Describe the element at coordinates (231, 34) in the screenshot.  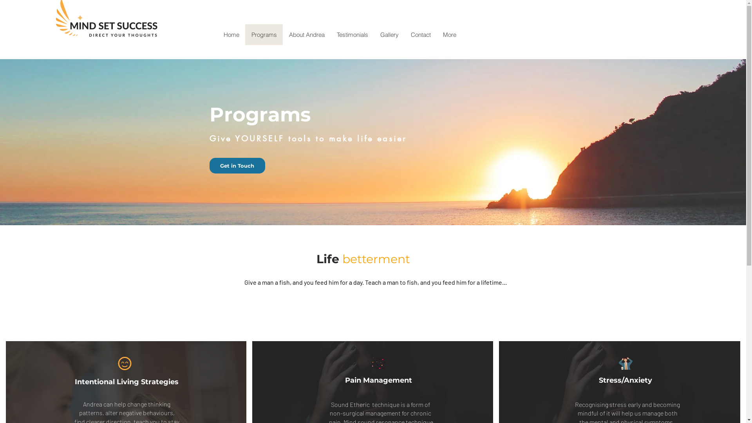
I see `'Home'` at that location.